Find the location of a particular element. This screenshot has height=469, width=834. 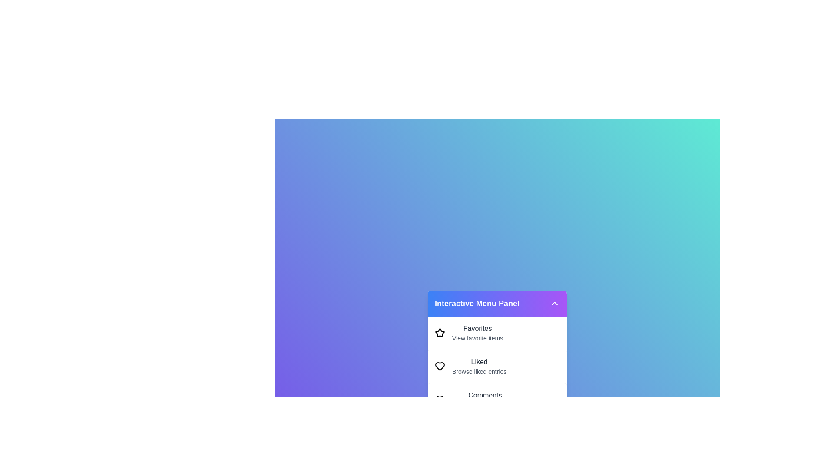

the menu item Comments to preview its highlight effect is located at coordinates (497, 400).